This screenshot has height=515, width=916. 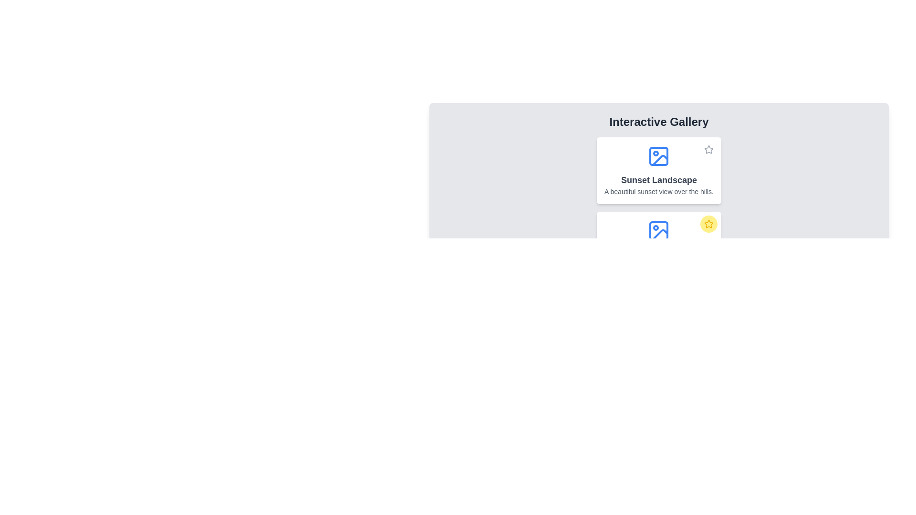 What do you see at coordinates (658, 230) in the screenshot?
I see `the SVG-based picture frame icon with a mountain and sun design located at the upper left corner of the card above the text 'Misty Forest'` at bounding box center [658, 230].